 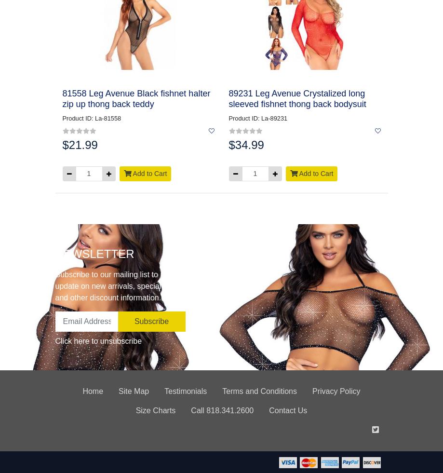 What do you see at coordinates (245, 144) in the screenshot?
I see `'$34.99'` at bounding box center [245, 144].